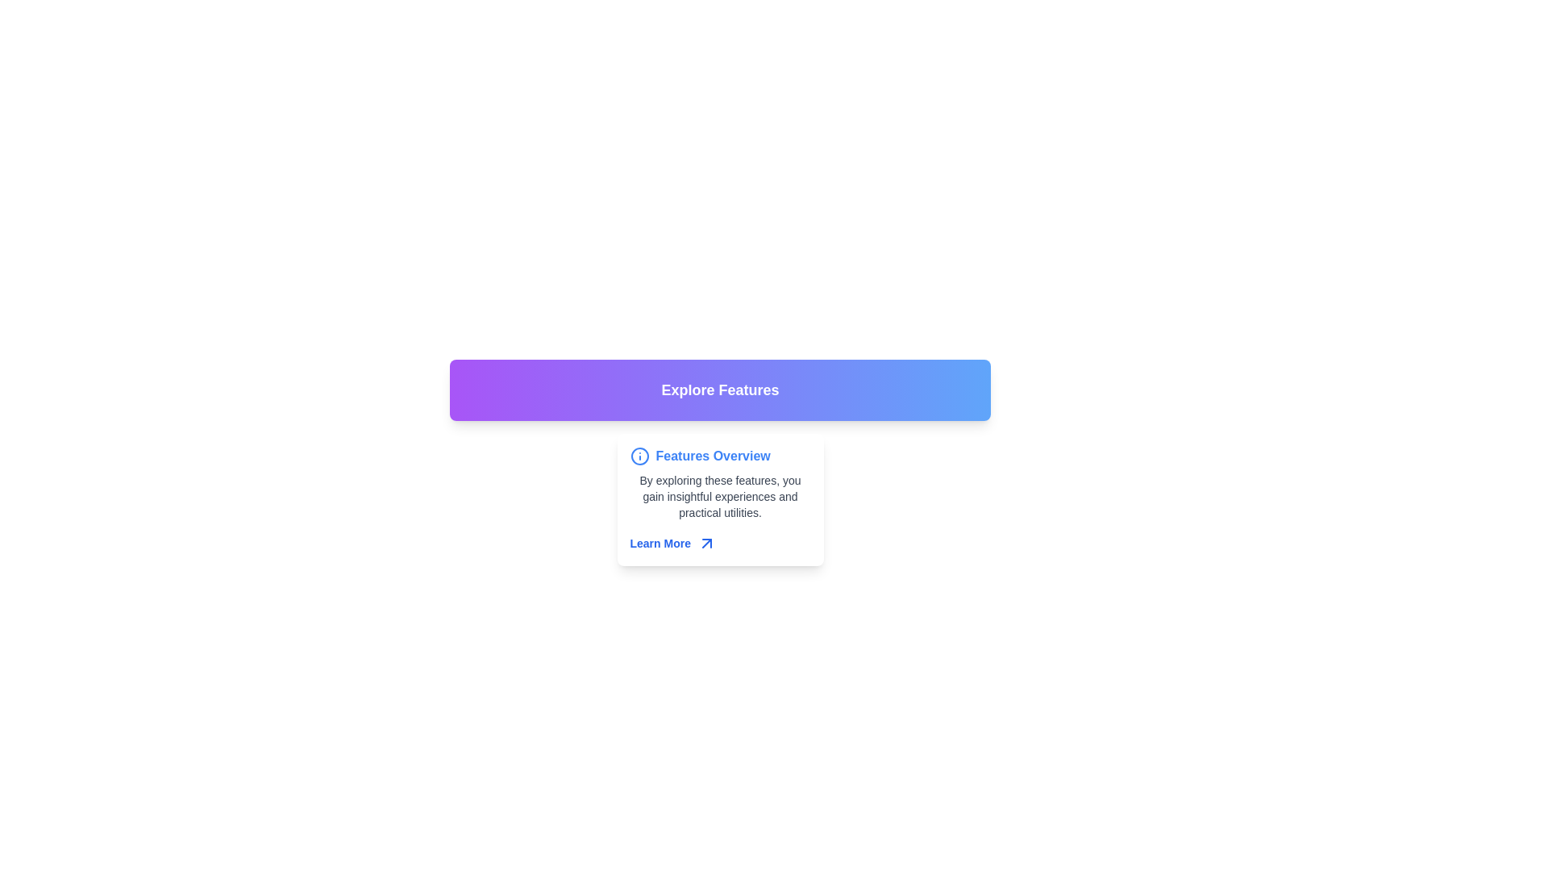  Describe the element at coordinates (707, 544) in the screenshot. I see `the small arrow icon in the 'Learn More' section of the card, which is part of a group of SVG elements` at that location.